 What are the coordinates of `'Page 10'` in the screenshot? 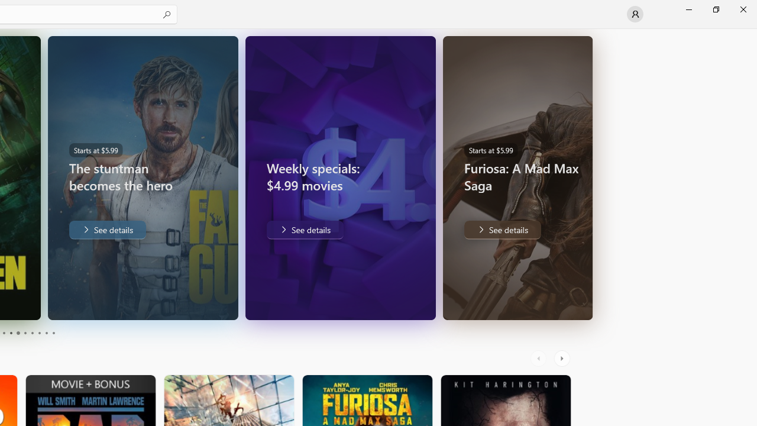 It's located at (53, 333).